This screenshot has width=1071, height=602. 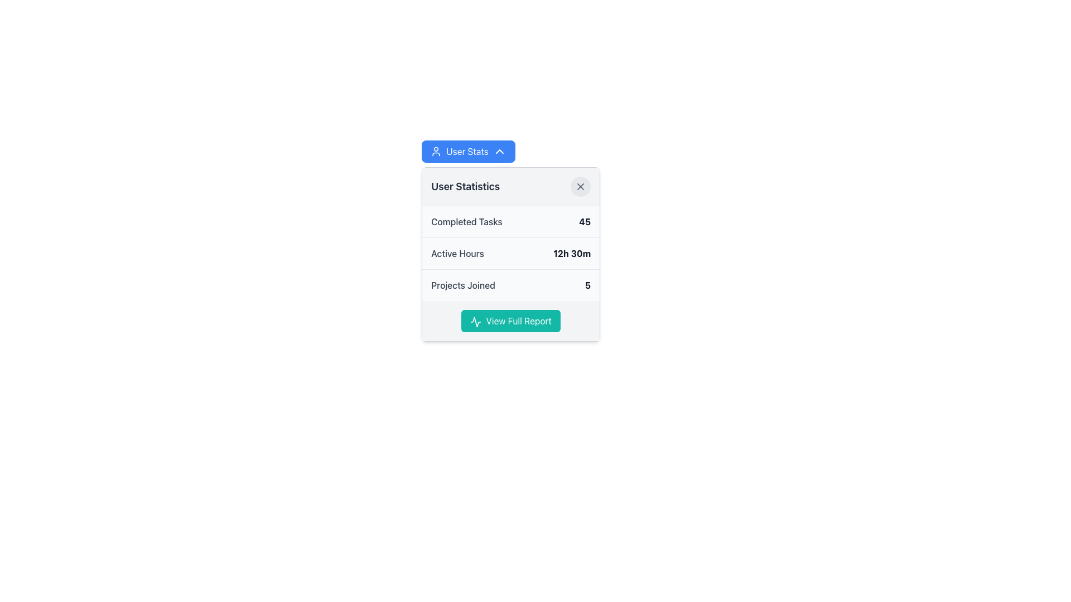 I want to click on the Informational summary row that displays the number of completed tasks by the user, located above the 'Active Hours' and 'Projects Joined' sections, so click(x=510, y=221).